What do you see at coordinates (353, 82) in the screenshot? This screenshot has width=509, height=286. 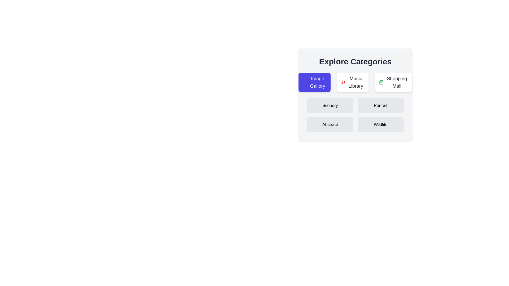 I see `the 'Music Library' button, which is a rectangular button with rounded corners, white background, gray text, and a red musical note icon, located in the 'Explore Categories' section between the 'Image Gallery' and 'Shopping Mall' buttons` at bounding box center [353, 82].